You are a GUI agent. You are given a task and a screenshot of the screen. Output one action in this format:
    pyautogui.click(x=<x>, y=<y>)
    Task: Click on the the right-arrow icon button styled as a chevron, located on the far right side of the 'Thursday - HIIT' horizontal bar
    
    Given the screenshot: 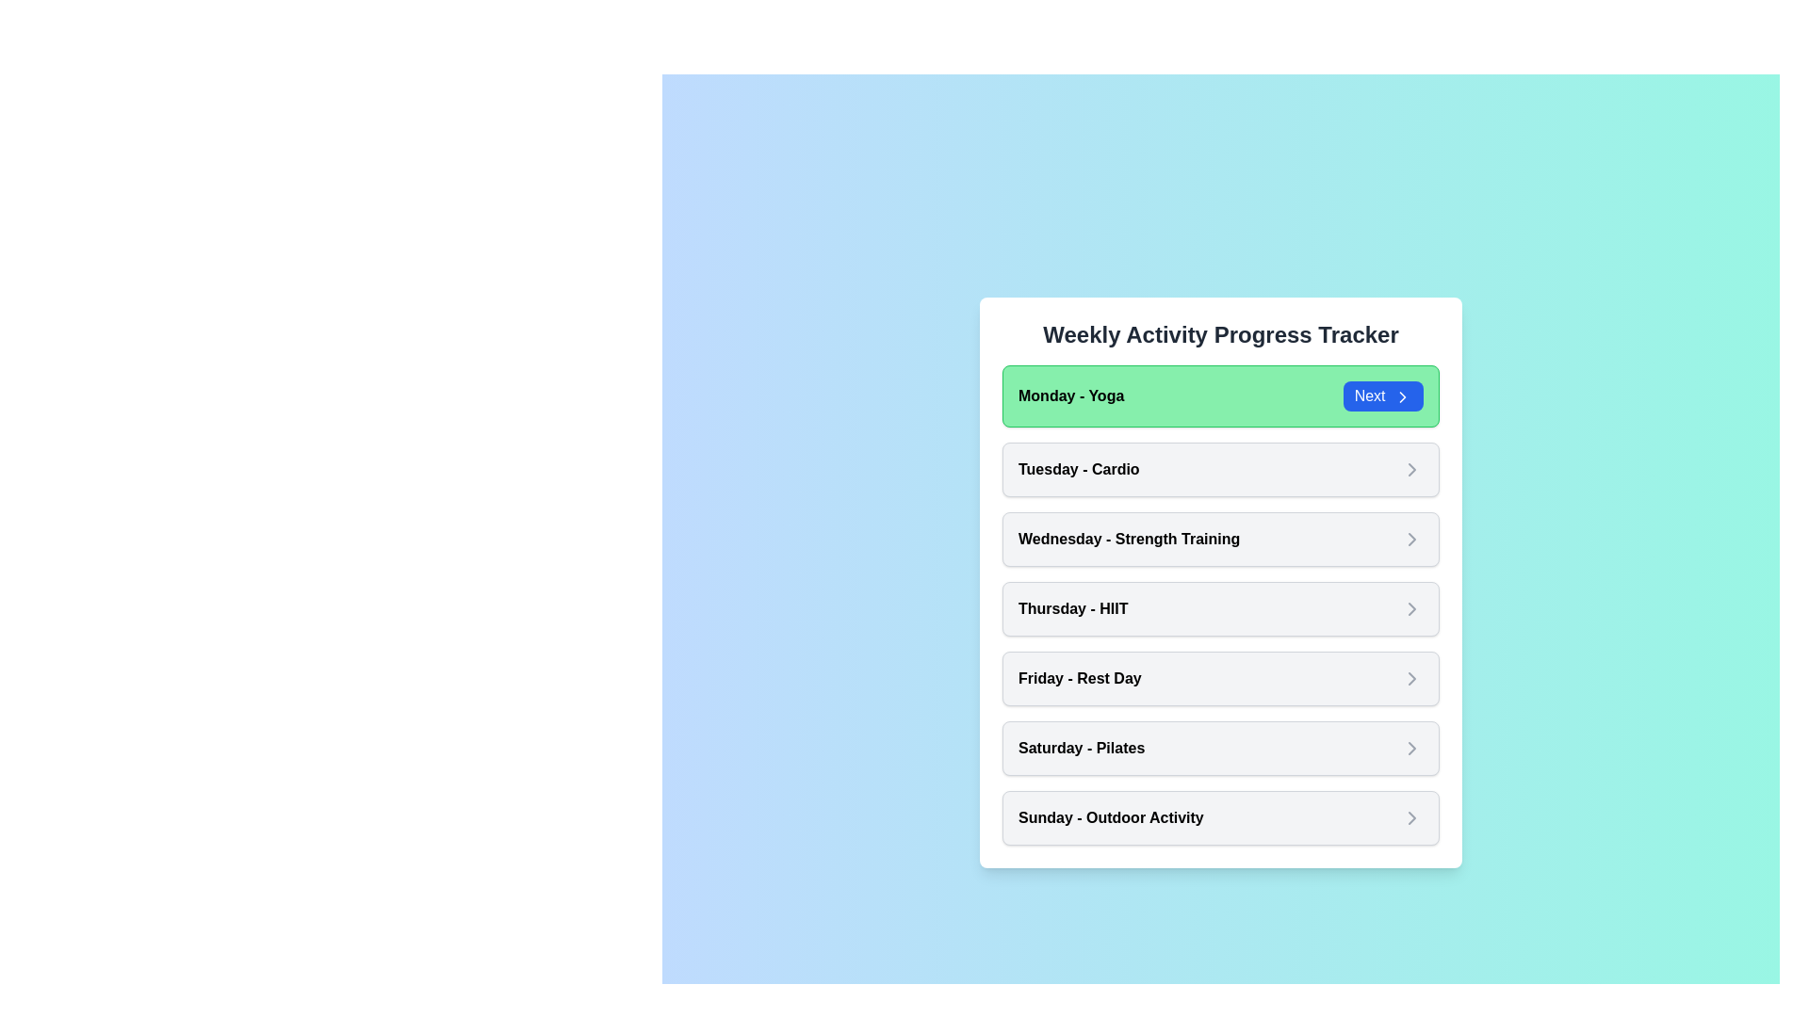 What is the action you would take?
    pyautogui.click(x=1411, y=609)
    